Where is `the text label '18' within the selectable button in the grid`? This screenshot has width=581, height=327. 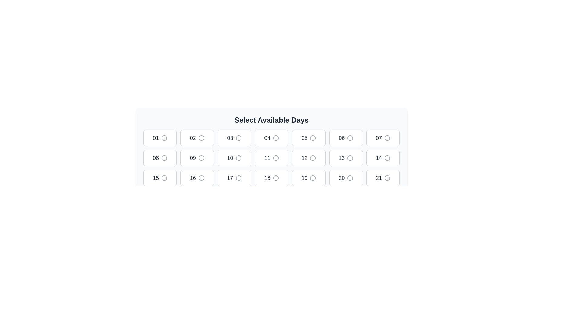
the text label '18' within the selectable button in the grid is located at coordinates (267, 177).